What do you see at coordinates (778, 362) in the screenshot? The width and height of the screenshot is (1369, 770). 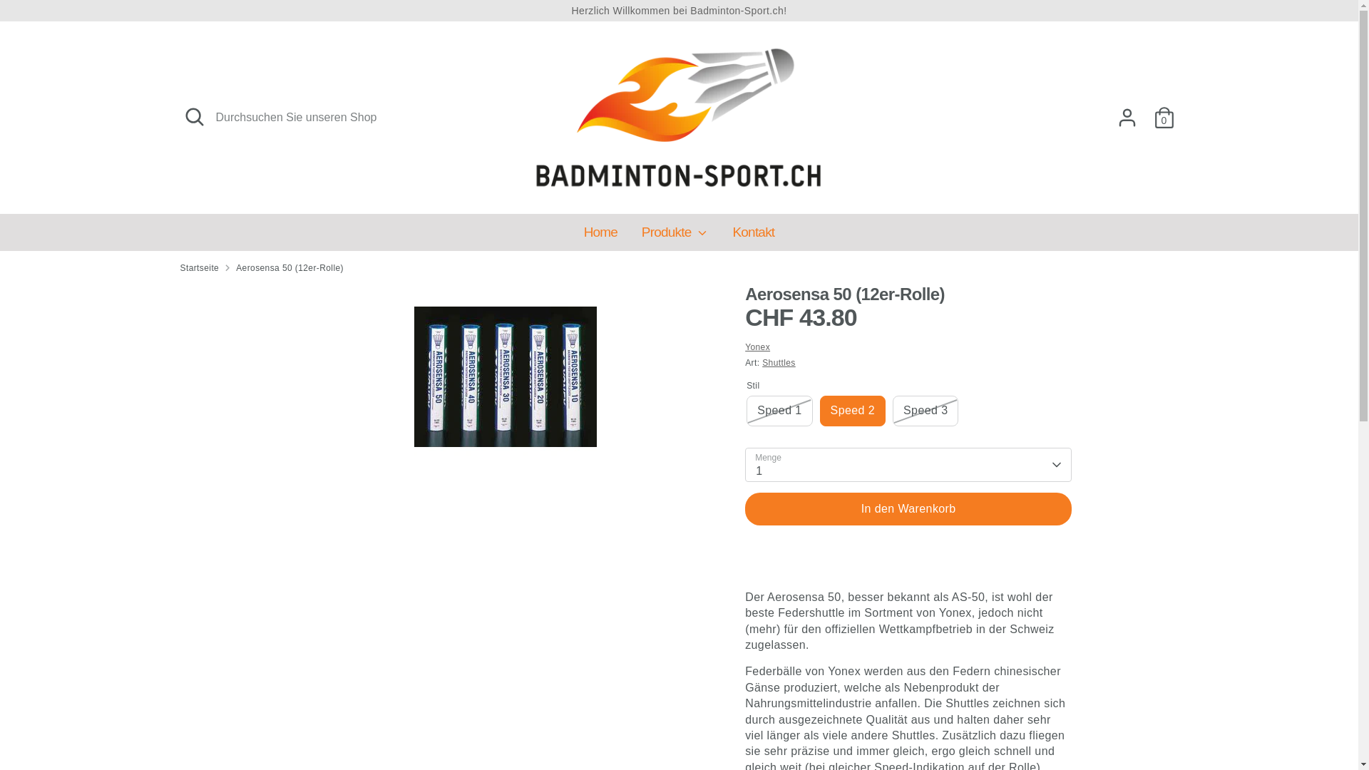 I see `'Shuttles'` at bounding box center [778, 362].